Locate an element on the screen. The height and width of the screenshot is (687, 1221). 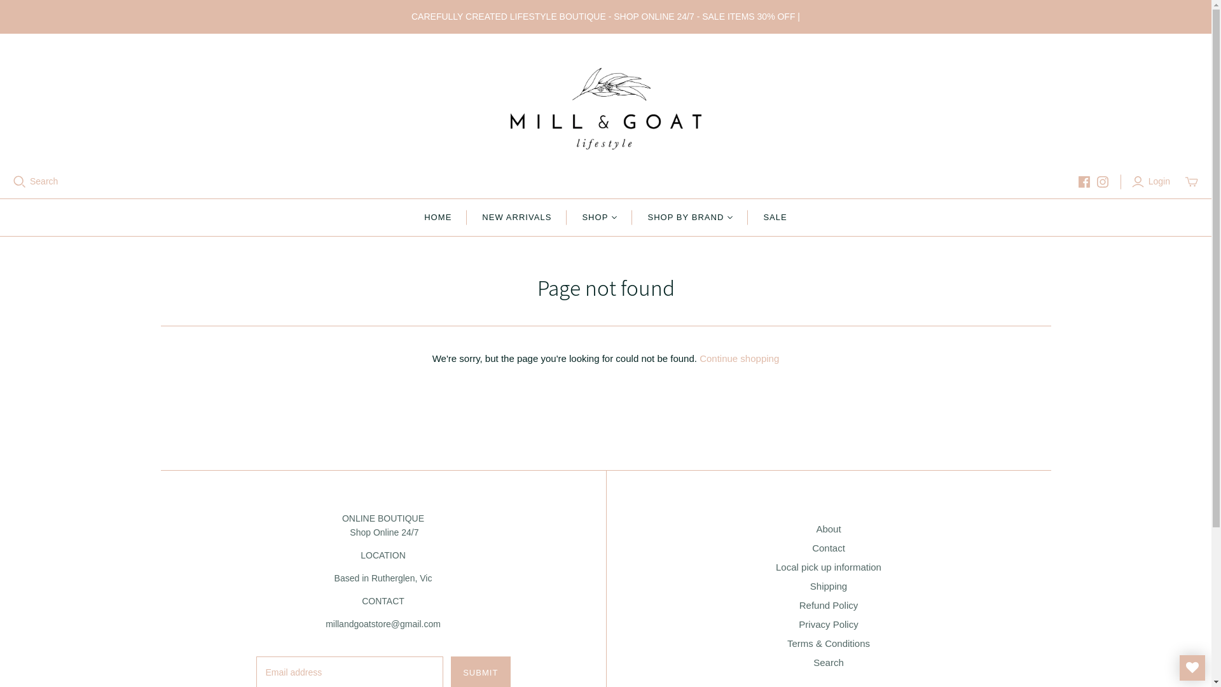
'HOME' is located at coordinates (438, 217).